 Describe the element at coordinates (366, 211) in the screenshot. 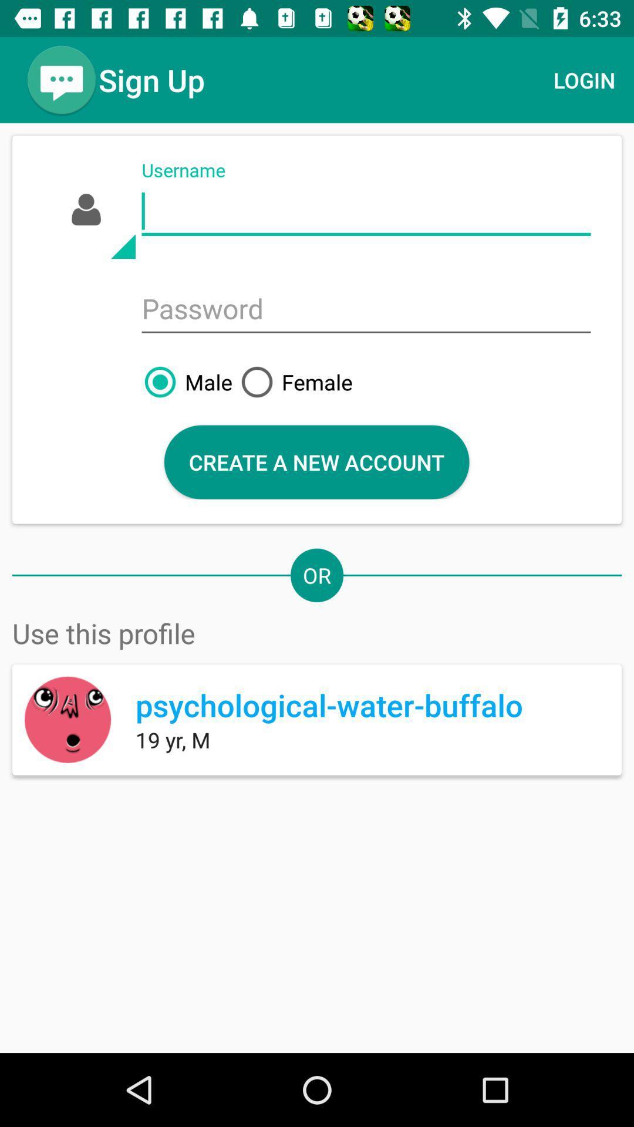

I see `open username text field` at that location.